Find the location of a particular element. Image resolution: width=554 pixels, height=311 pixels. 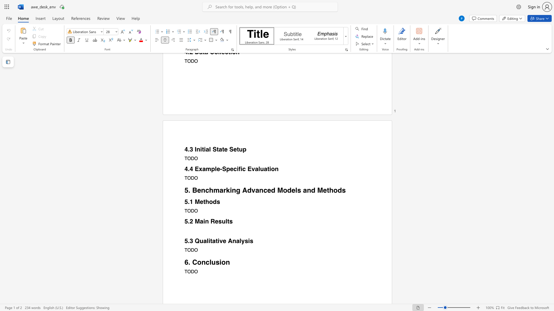

the subset text "od" within the text "5.1 Methods" is located at coordinates (209, 202).